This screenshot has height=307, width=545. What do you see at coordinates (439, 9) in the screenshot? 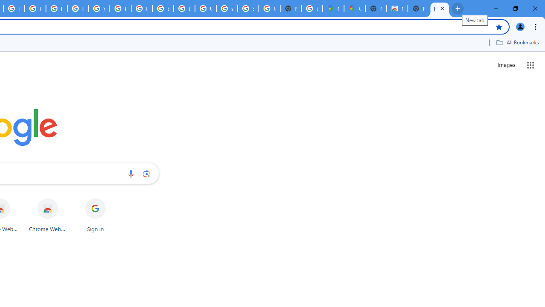
I see `'New Tab'` at bounding box center [439, 9].